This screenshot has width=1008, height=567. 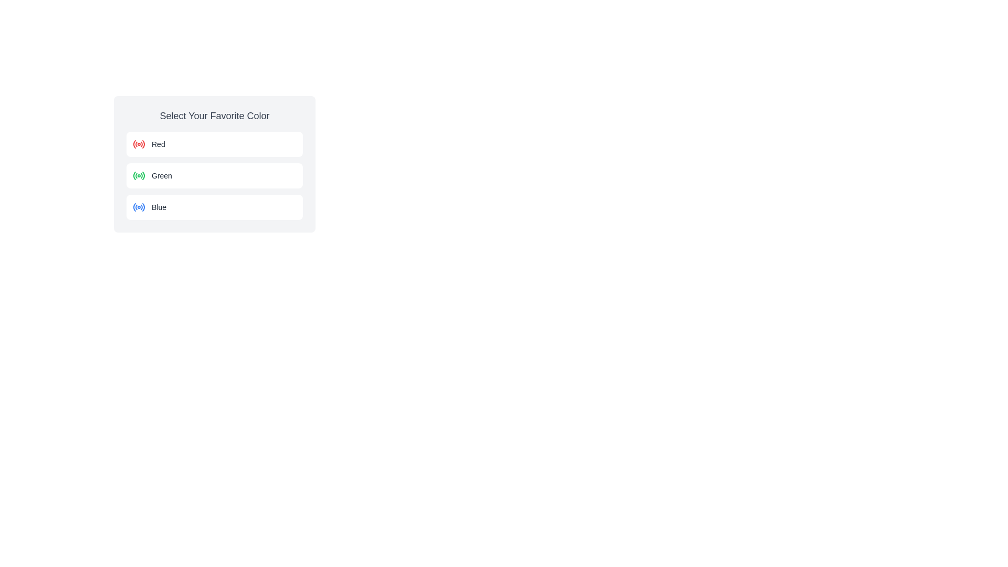 What do you see at coordinates (214, 175) in the screenshot?
I see `the second selectable option labeled 'Green'` at bounding box center [214, 175].